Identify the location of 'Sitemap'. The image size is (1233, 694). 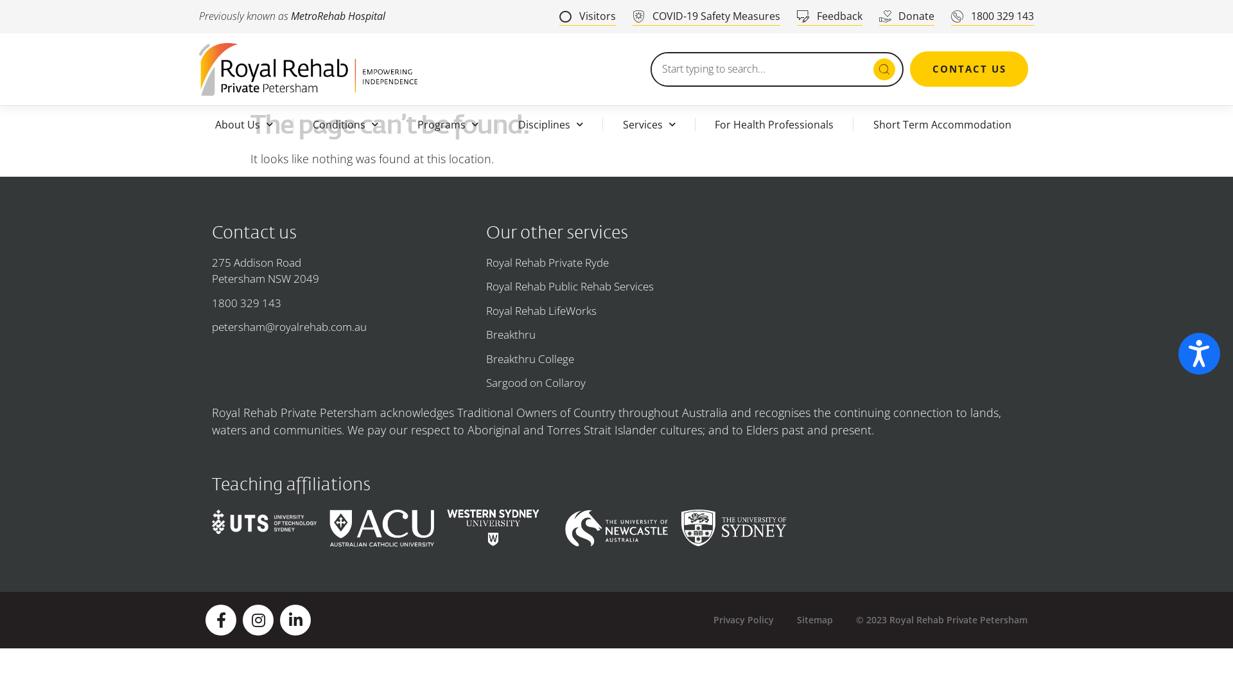
(814, 619).